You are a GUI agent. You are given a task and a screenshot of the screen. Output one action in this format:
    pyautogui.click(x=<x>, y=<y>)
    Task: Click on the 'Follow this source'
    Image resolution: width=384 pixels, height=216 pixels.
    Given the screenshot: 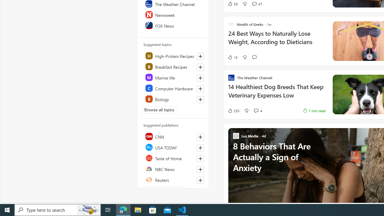 What is the action you would take?
    pyautogui.click(x=200, y=180)
    